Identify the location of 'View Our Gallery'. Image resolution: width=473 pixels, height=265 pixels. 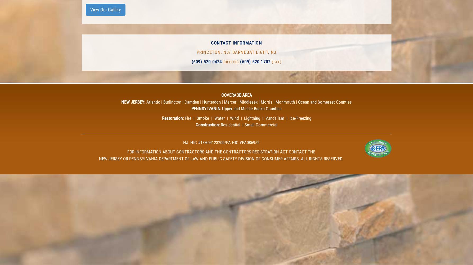
(90, 9).